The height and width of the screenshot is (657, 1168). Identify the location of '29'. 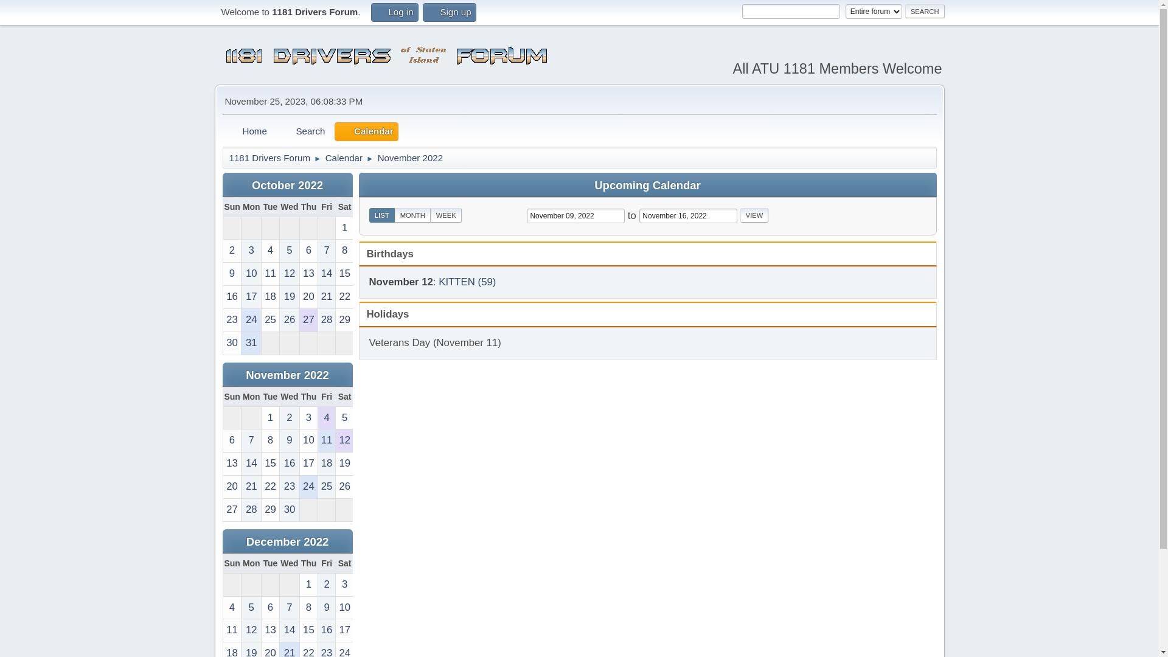
(261, 510).